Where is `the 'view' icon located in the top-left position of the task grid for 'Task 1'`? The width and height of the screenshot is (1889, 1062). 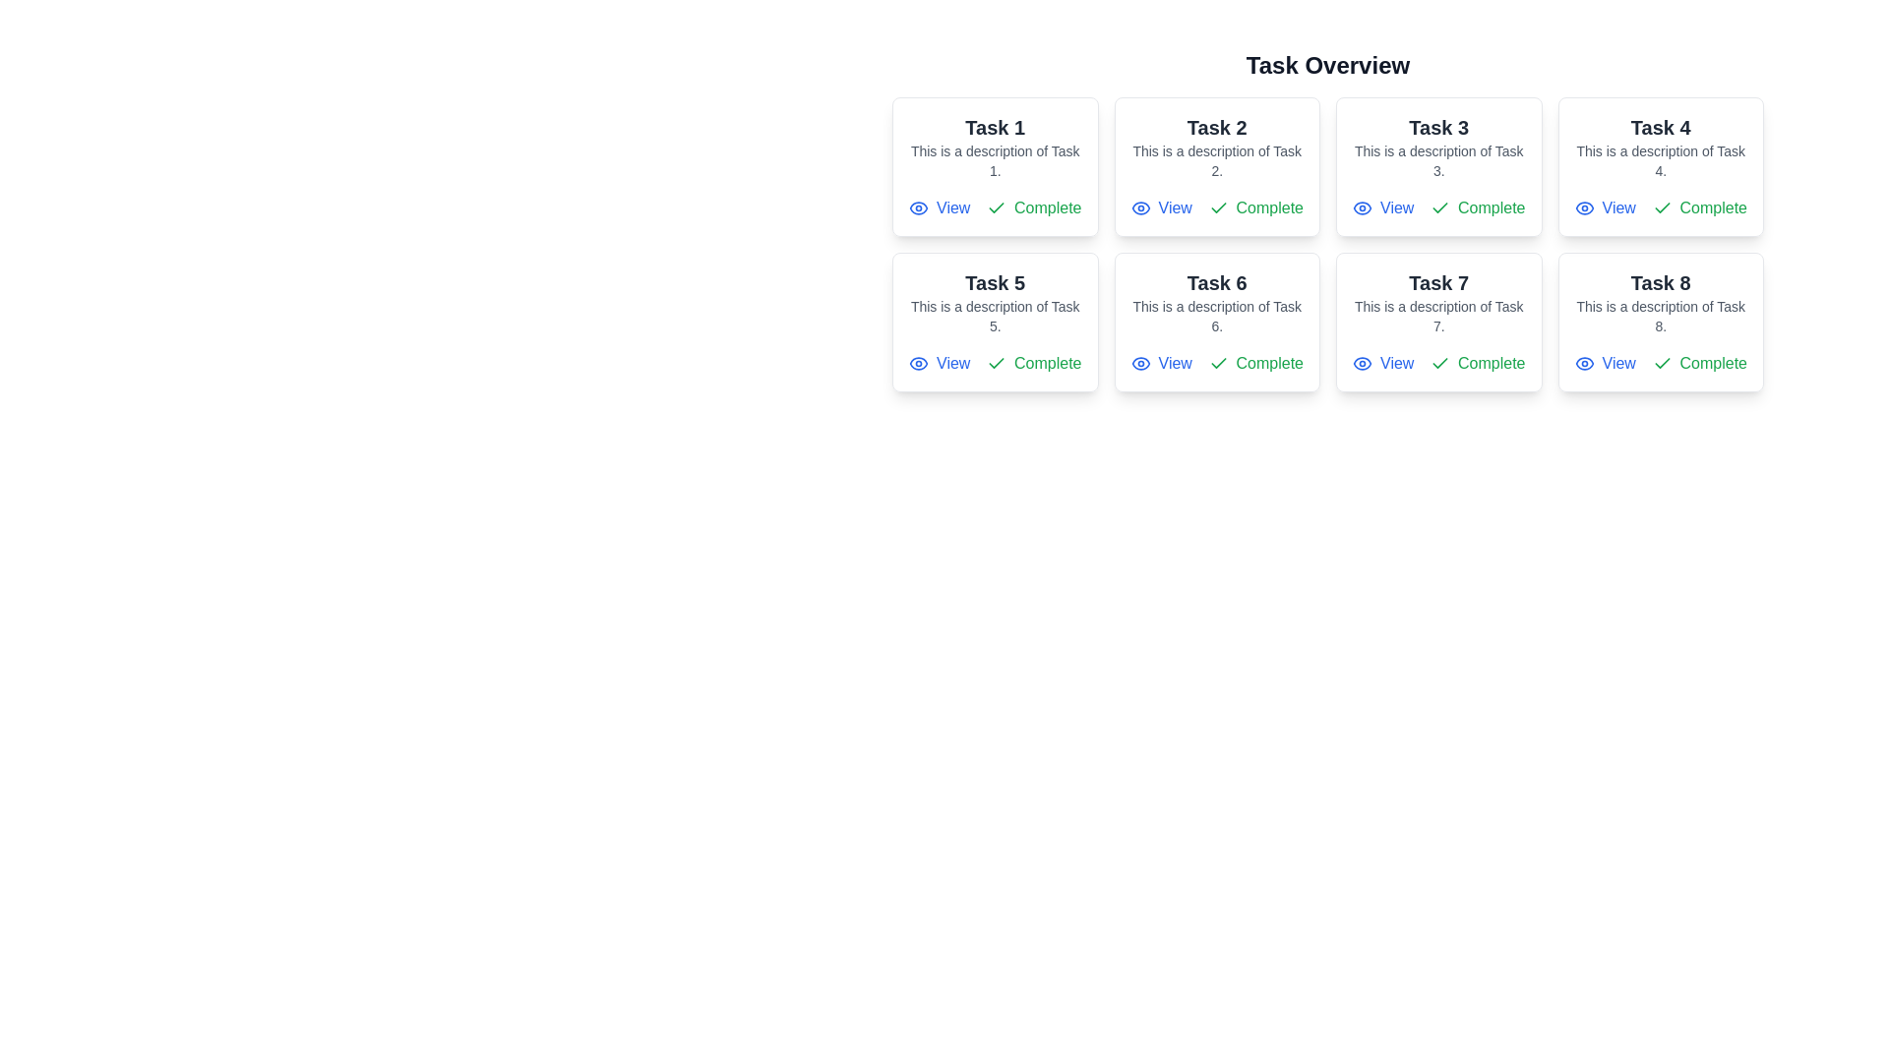 the 'view' icon located in the top-left position of the task grid for 'Task 1' is located at coordinates (918, 208).